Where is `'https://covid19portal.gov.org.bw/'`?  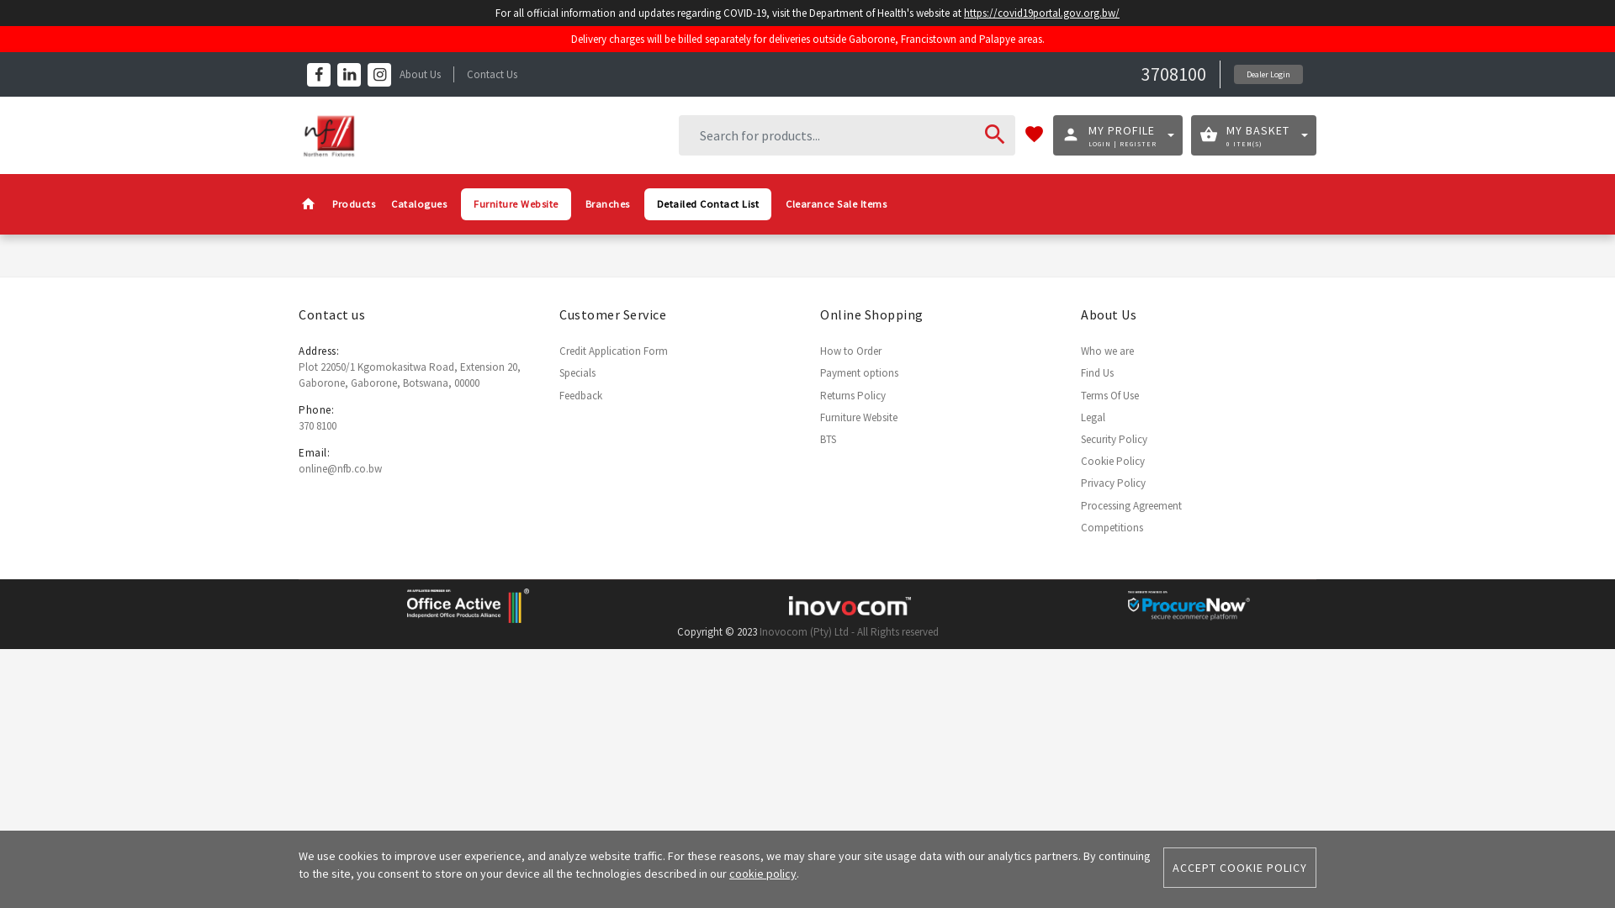
'https://covid19portal.gov.org.bw/' is located at coordinates (1056, 13).